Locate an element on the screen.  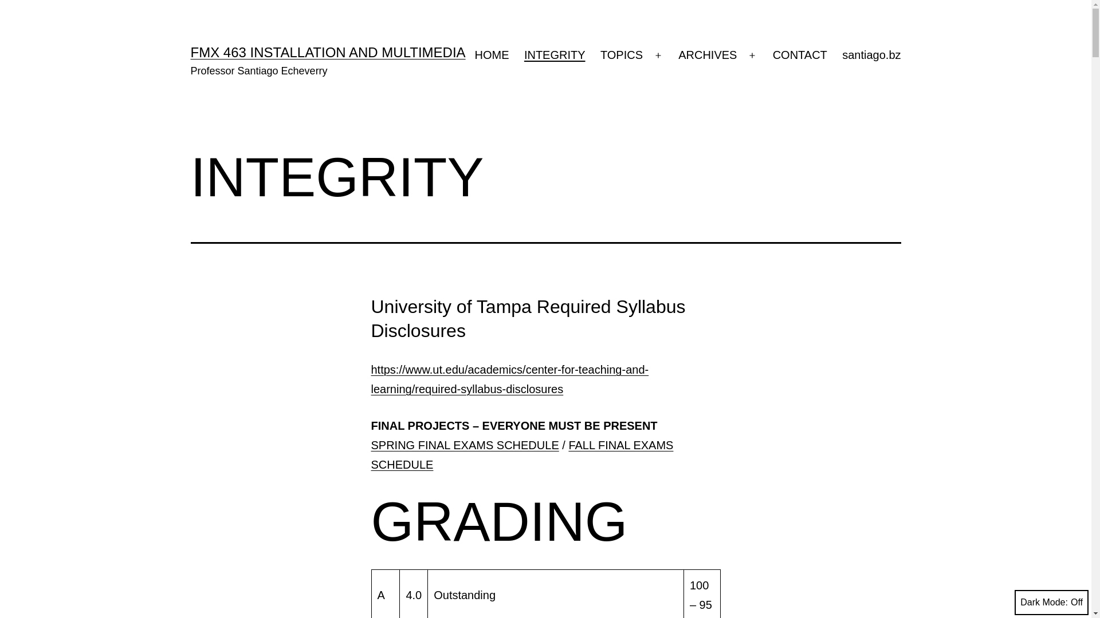
'Dark Mode:' is located at coordinates (1051, 602).